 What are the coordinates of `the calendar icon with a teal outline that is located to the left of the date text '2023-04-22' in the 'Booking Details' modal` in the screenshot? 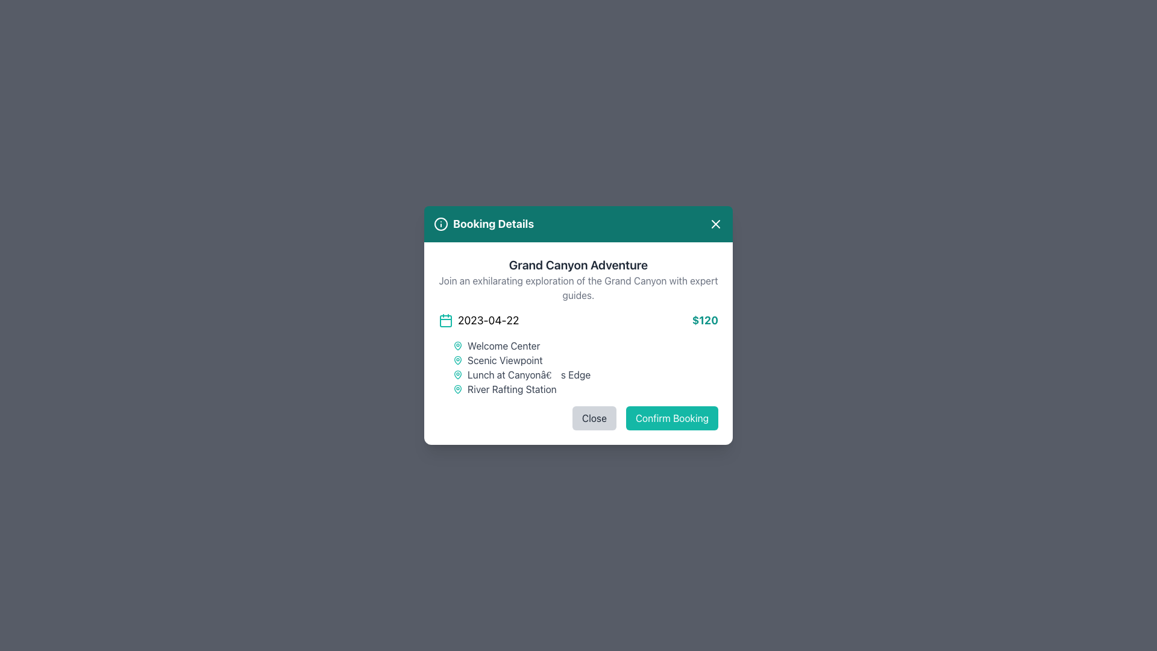 It's located at (445, 320).